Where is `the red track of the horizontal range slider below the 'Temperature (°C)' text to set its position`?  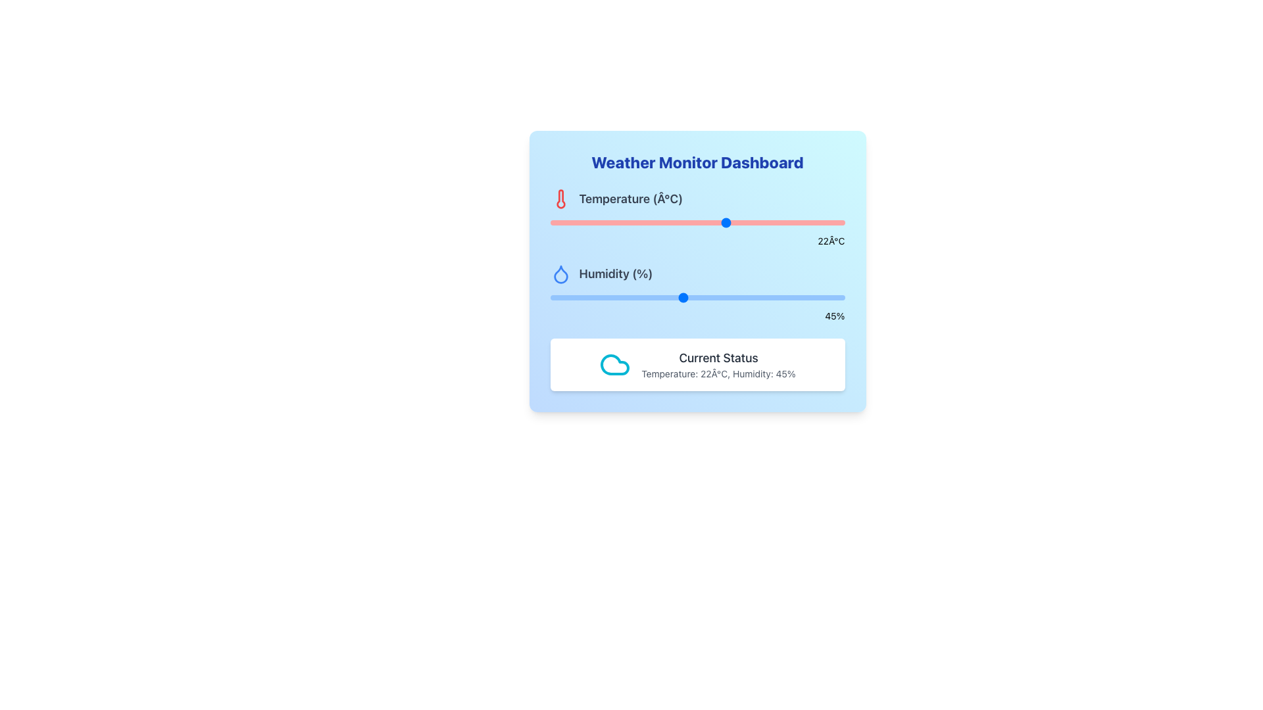
the red track of the horizontal range slider below the 'Temperature (°C)' text to set its position is located at coordinates (697, 222).